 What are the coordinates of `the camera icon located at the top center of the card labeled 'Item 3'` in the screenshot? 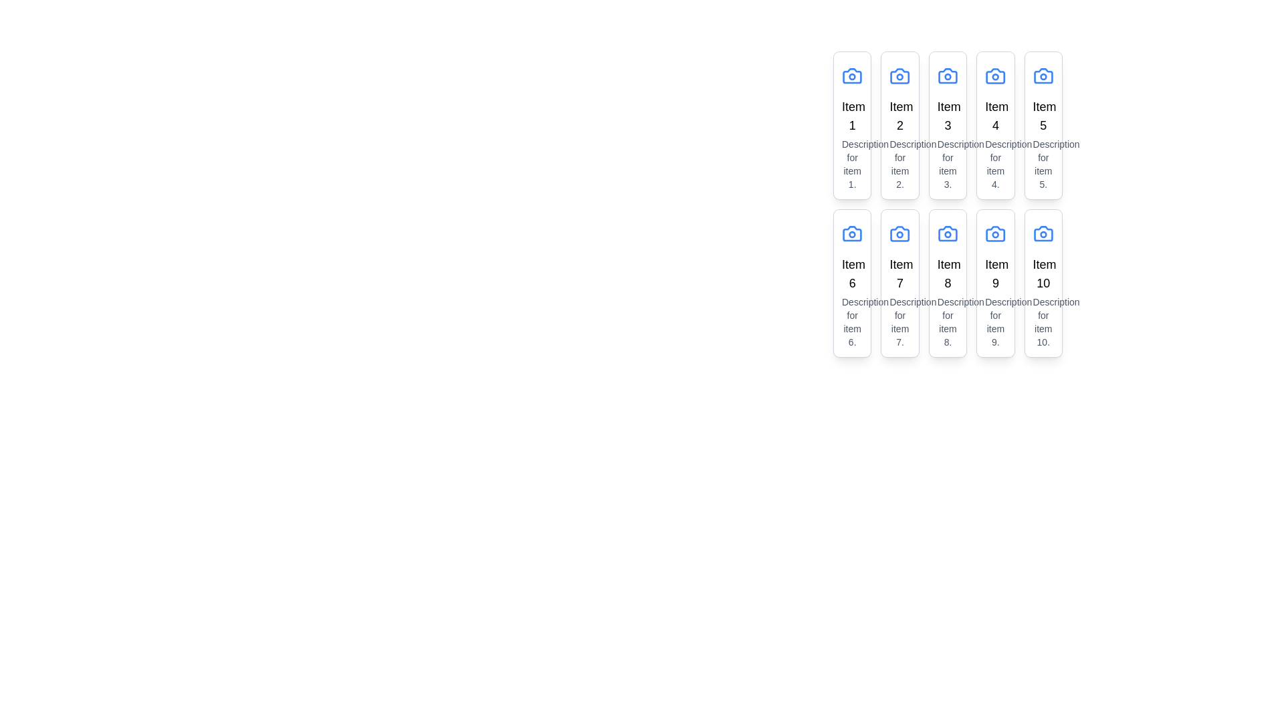 It's located at (947, 76).